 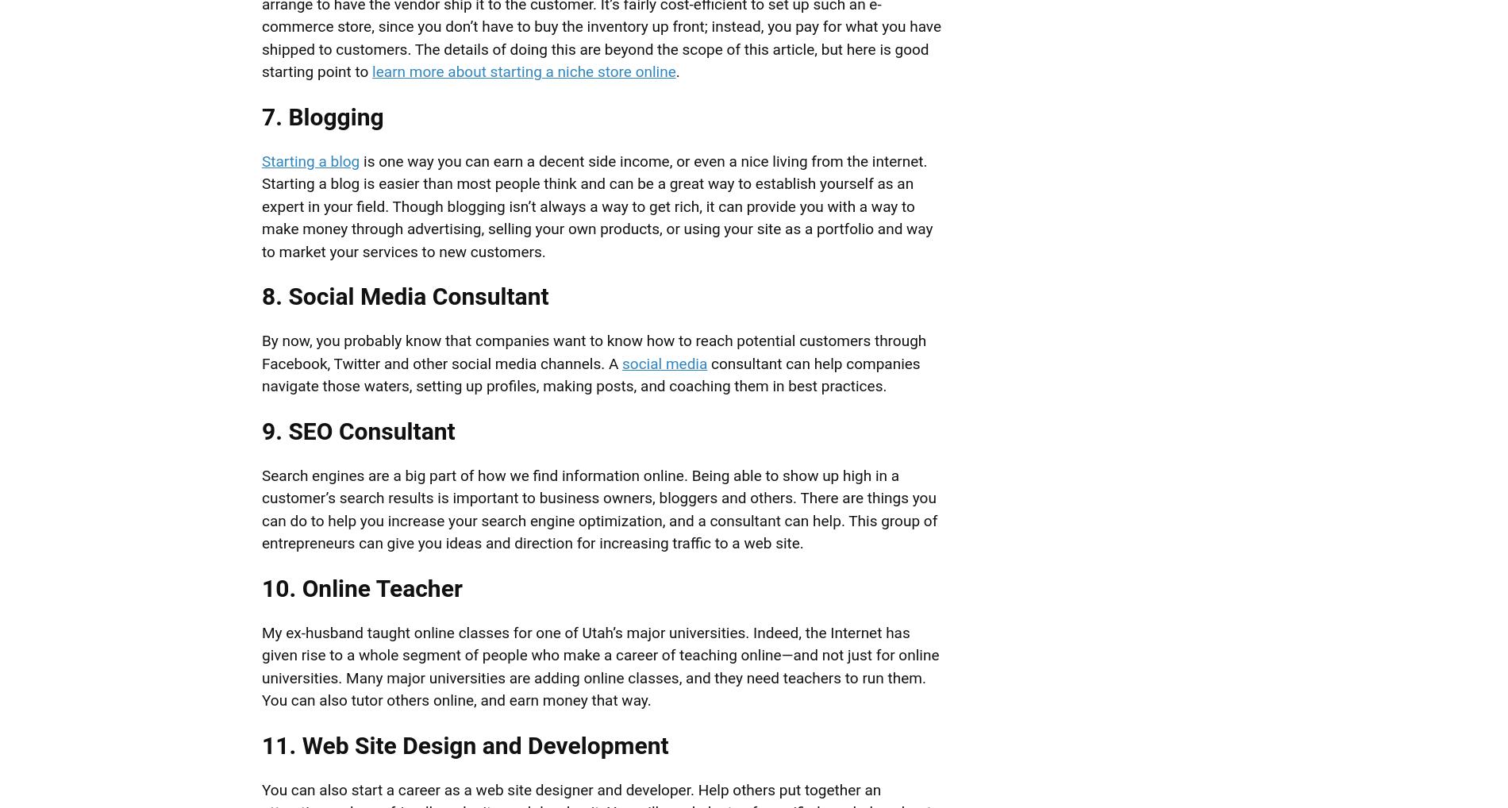 I want to click on 'Search engines are a big part of how we find information online. Being able to show up high in a customer’s search results is important to business owners, bloggers and others. There are things you can do to help you increase your search engine optimization, and a consultant can help. This group of entrepreneurs can give you ideas and direction for increasing traffic to a web site.', so click(x=261, y=508).